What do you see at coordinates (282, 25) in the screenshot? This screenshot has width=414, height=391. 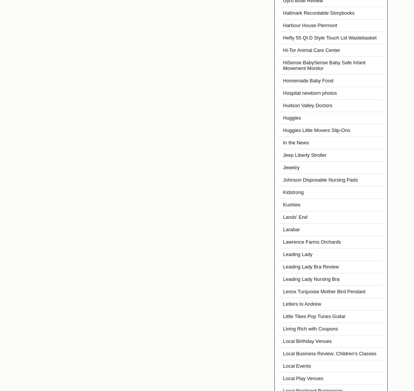 I see `'Harbour House Piermont'` at bounding box center [282, 25].